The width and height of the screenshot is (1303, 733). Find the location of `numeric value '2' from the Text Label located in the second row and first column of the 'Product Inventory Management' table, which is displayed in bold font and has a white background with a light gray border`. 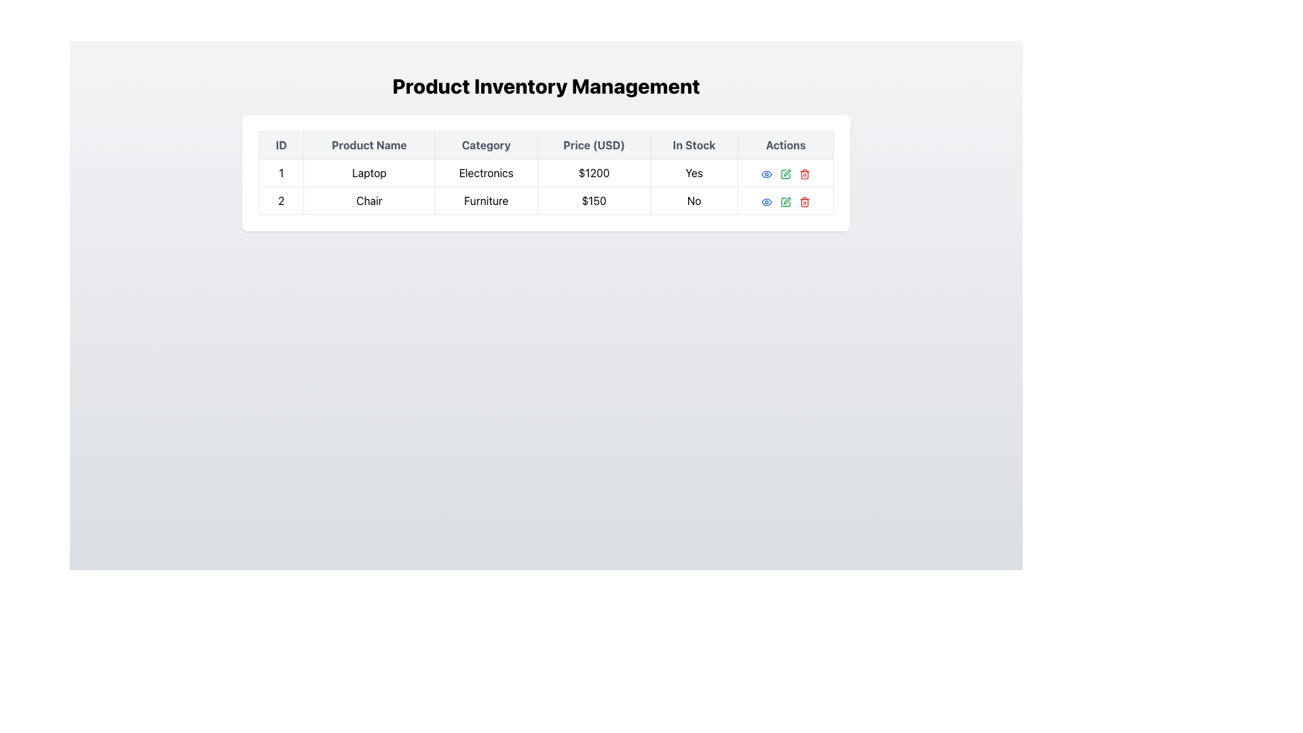

numeric value '2' from the Text Label located in the second row and first column of the 'Product Inventory Management' table, which is displayed in bold font and has a white background with a light gray border is located at coordinates (280, 201).